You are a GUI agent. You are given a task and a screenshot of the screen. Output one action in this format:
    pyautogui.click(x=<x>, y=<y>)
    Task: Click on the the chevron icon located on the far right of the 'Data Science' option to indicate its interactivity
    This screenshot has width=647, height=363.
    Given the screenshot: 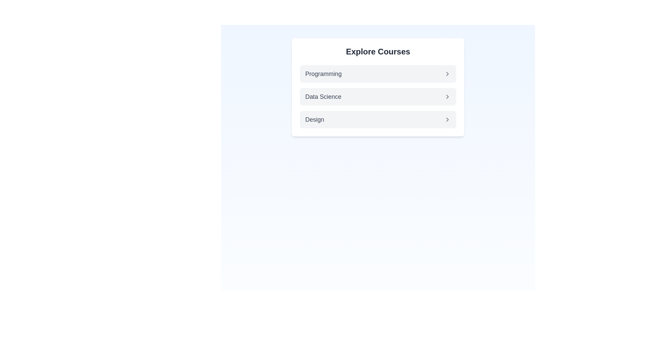 What is the action you would take?
    pyautogui.click(x=448, y=97)
    